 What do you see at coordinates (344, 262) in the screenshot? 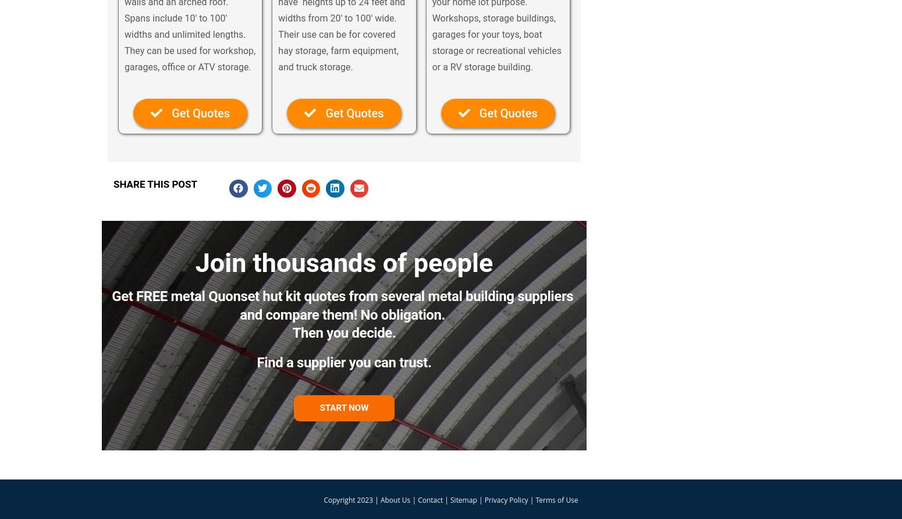
I see `'Join thousands of people'` at bounding box center [344, 262].